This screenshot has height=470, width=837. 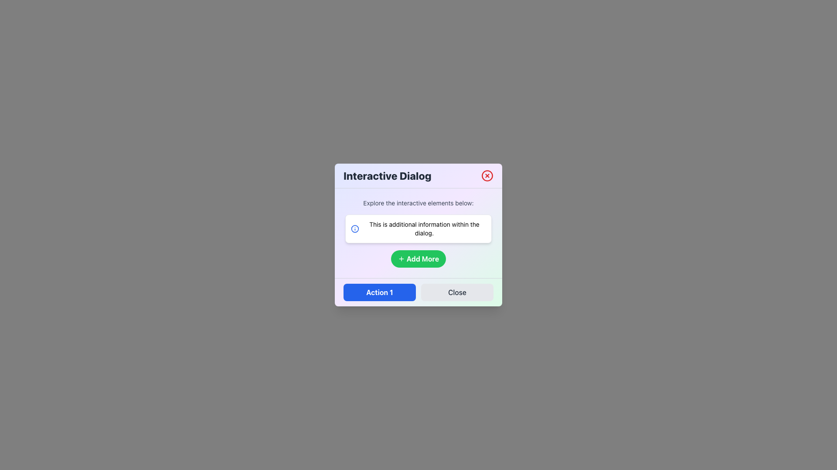 I want to click on informational text from the Text Label positioned in the middle of the dialog box, next to an icon, so click(x=424, y=228).